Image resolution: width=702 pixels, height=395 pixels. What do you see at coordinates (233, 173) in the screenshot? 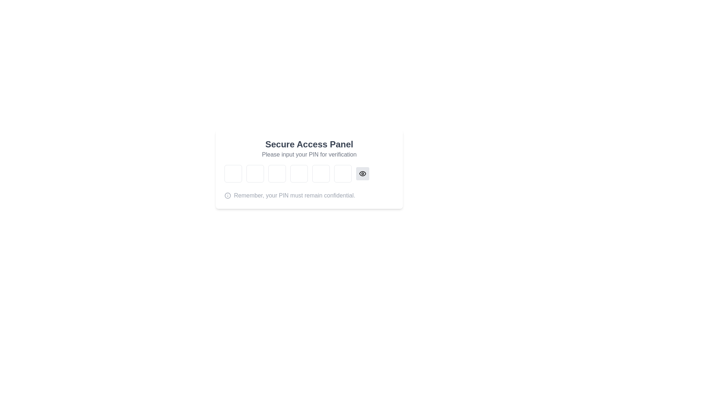
I see `to focus on the first password input field in a series of six aligned horizontally` at bounding box center [233, 173].